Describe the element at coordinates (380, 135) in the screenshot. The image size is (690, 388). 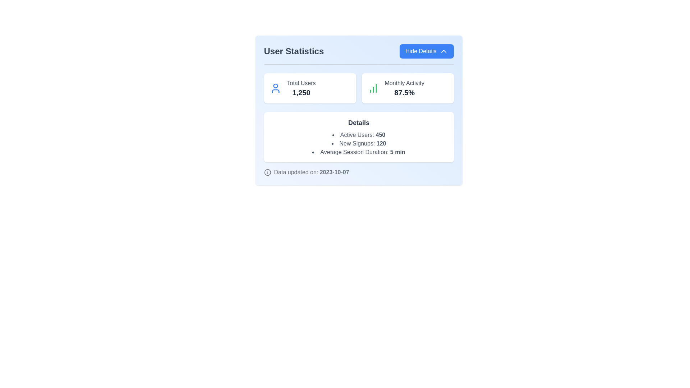
I see `the bold text label displaying the number of active users in the 'User Statistics' panel, located in the center of the 'Details' section` at that location.